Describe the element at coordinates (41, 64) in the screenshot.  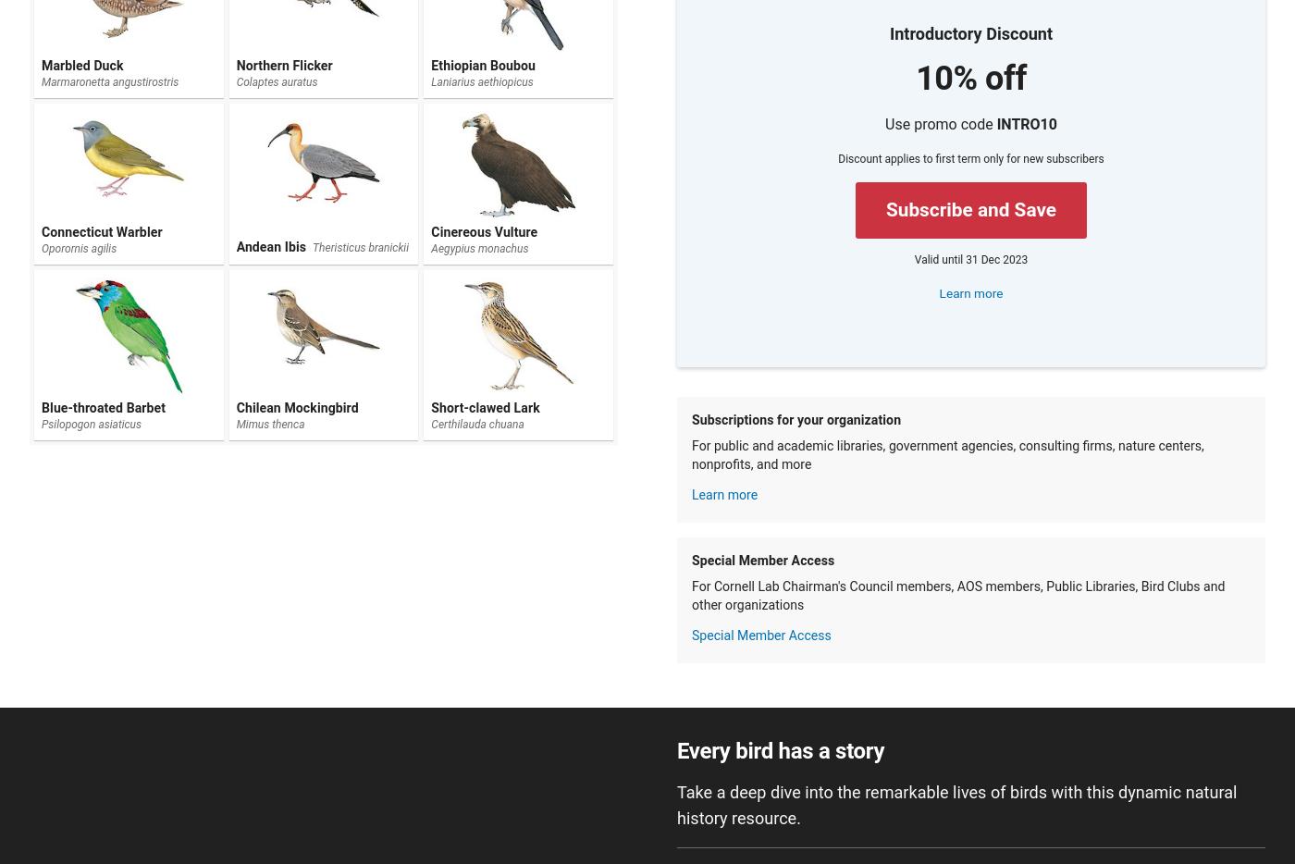
I see `'Marbled Duck'` at that location.